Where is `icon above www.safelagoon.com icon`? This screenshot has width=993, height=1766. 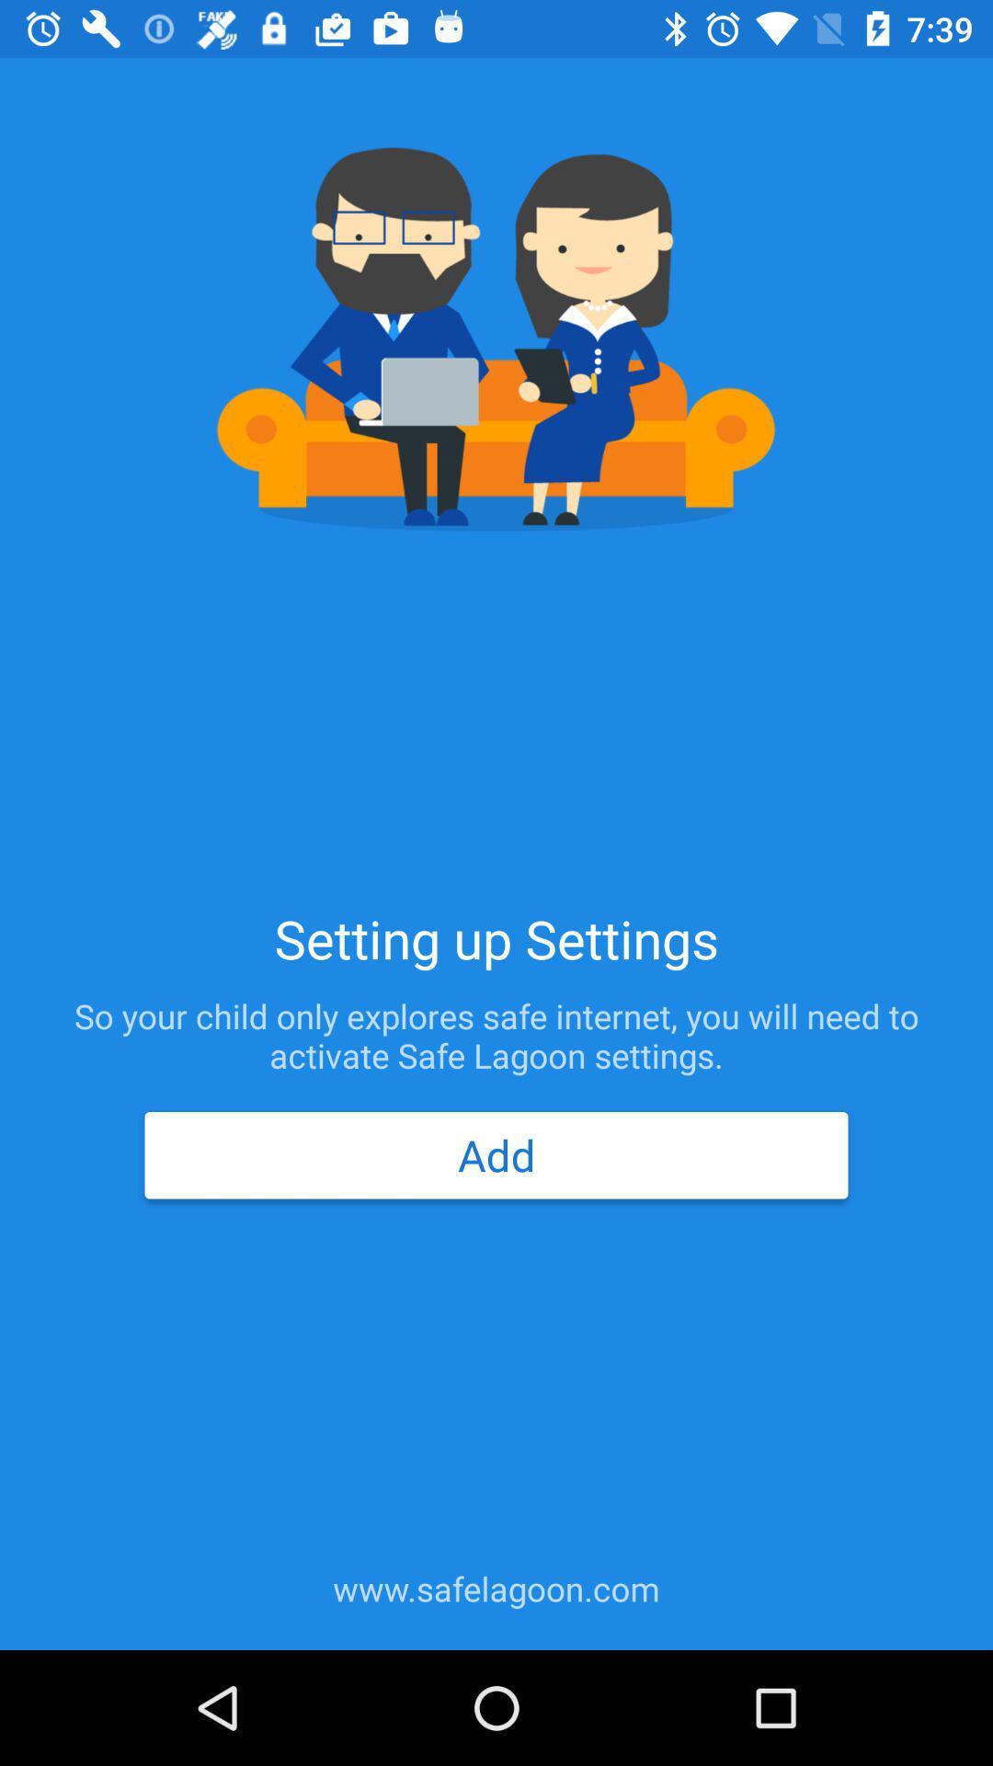 icon above www.safelagoon.com icon is located at coordinates (496, 1154).